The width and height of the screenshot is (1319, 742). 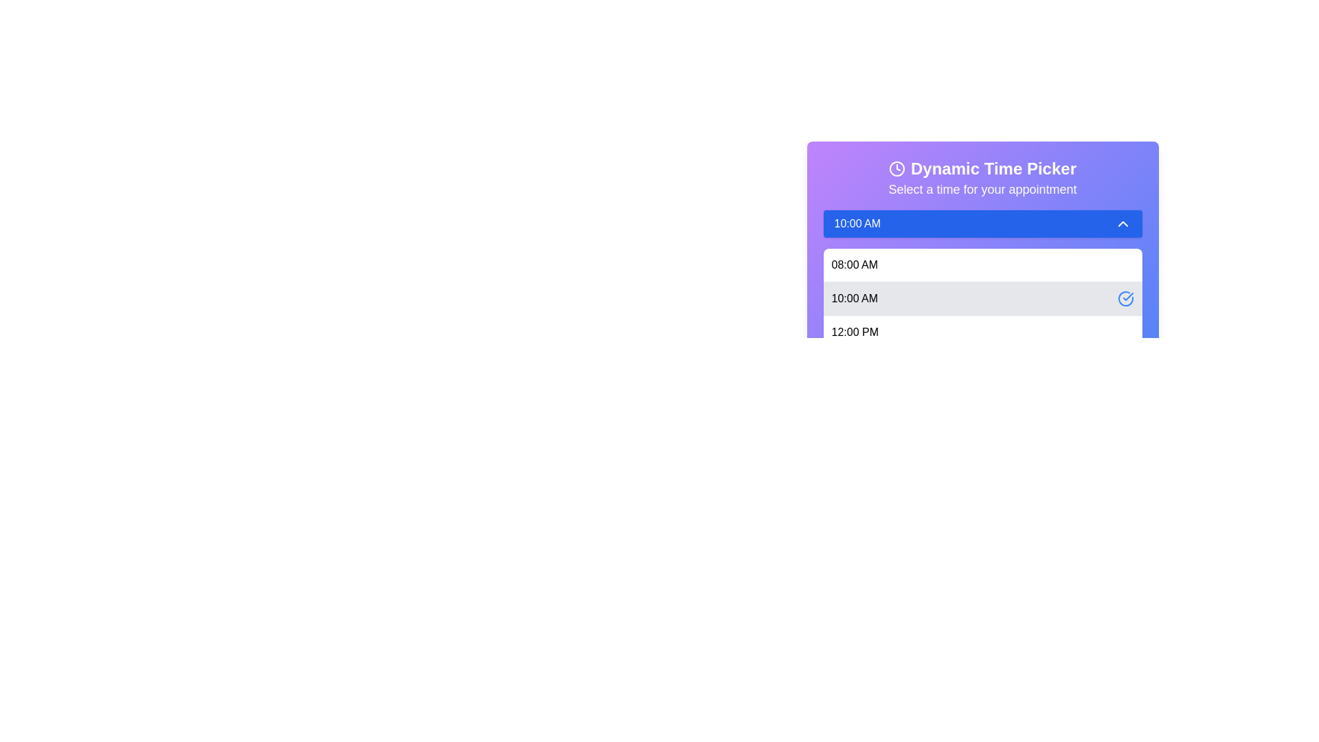 I want to click on to select the '12:00 PM' time option in the dropdown list of the time picker interface, located beneath the '10:00 AM' option, so click(x=854, y=332).